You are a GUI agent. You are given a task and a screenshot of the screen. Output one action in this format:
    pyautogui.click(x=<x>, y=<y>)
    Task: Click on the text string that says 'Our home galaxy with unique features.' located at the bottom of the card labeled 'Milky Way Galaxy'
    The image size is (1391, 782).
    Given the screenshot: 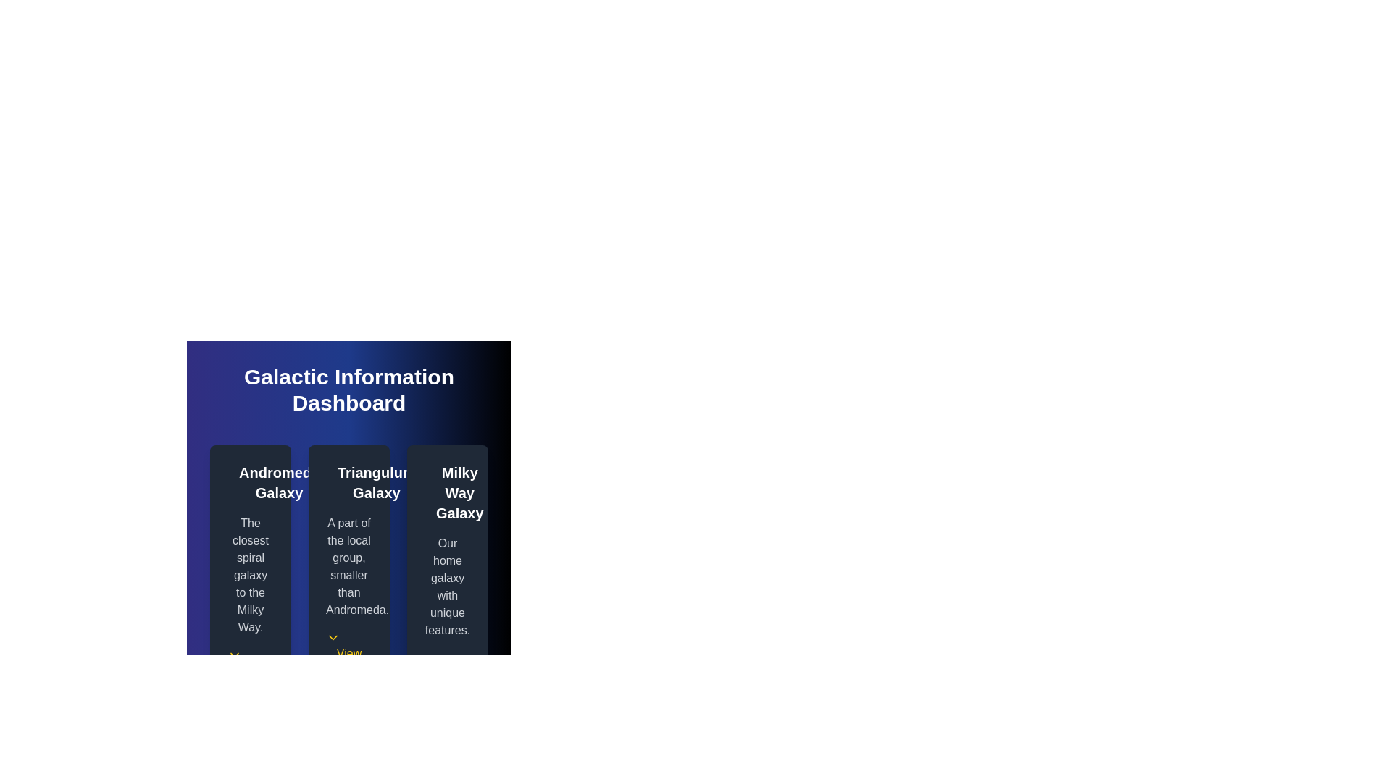 What is the action you would take?
    pyautogui.click(x=447, y=586)
    